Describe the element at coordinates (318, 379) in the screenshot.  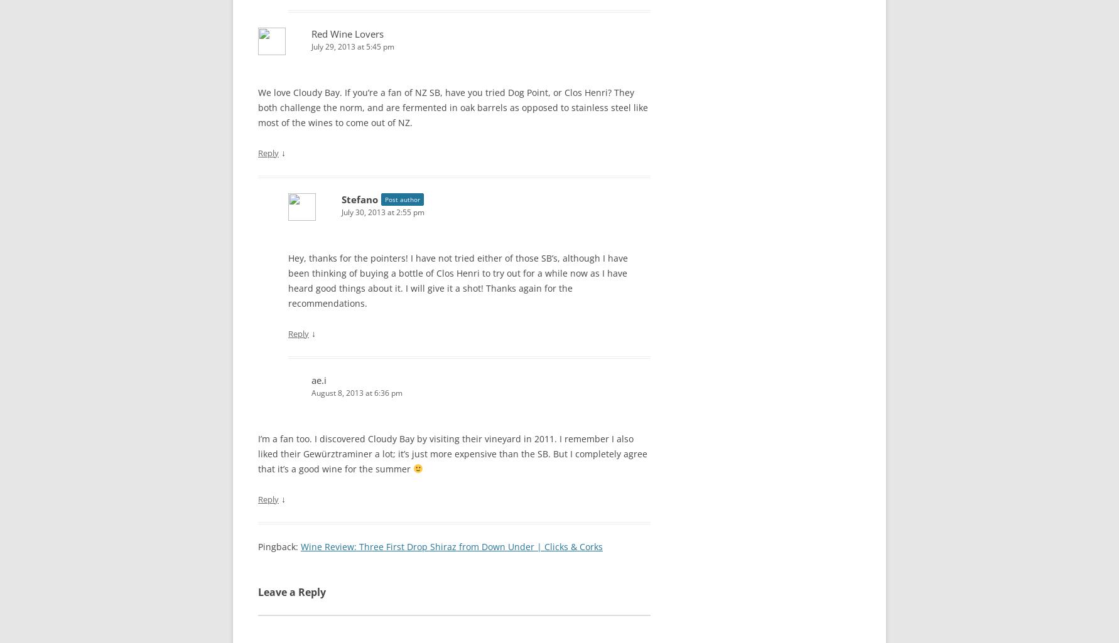
I see `'ae.i'` at that location.